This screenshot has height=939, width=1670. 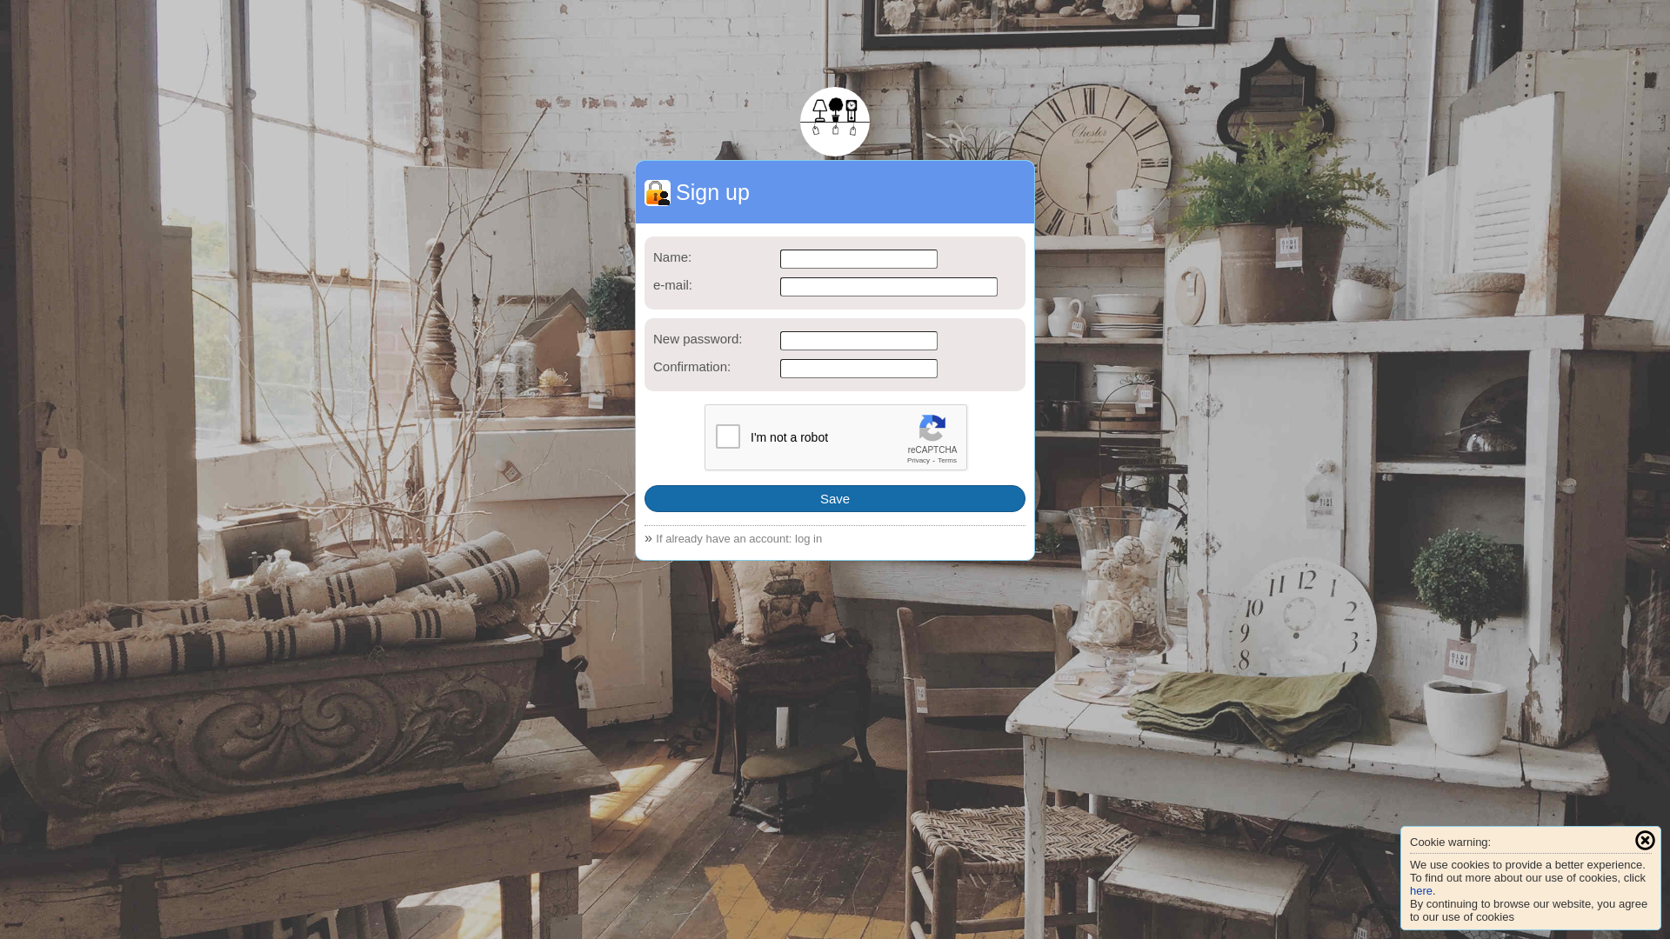 I want to click on 'Go to Web Constructor home page', so click(x=835, y=120).